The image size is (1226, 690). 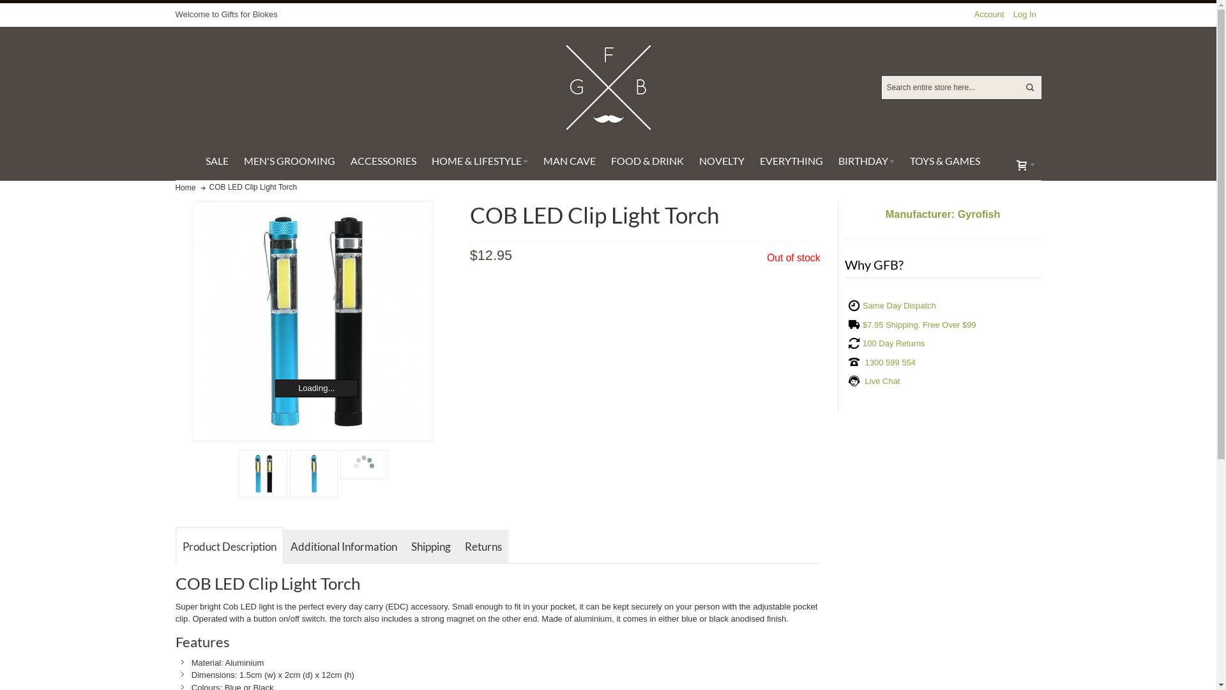 I want to click on 'SALE', so click(x=217, y=160).